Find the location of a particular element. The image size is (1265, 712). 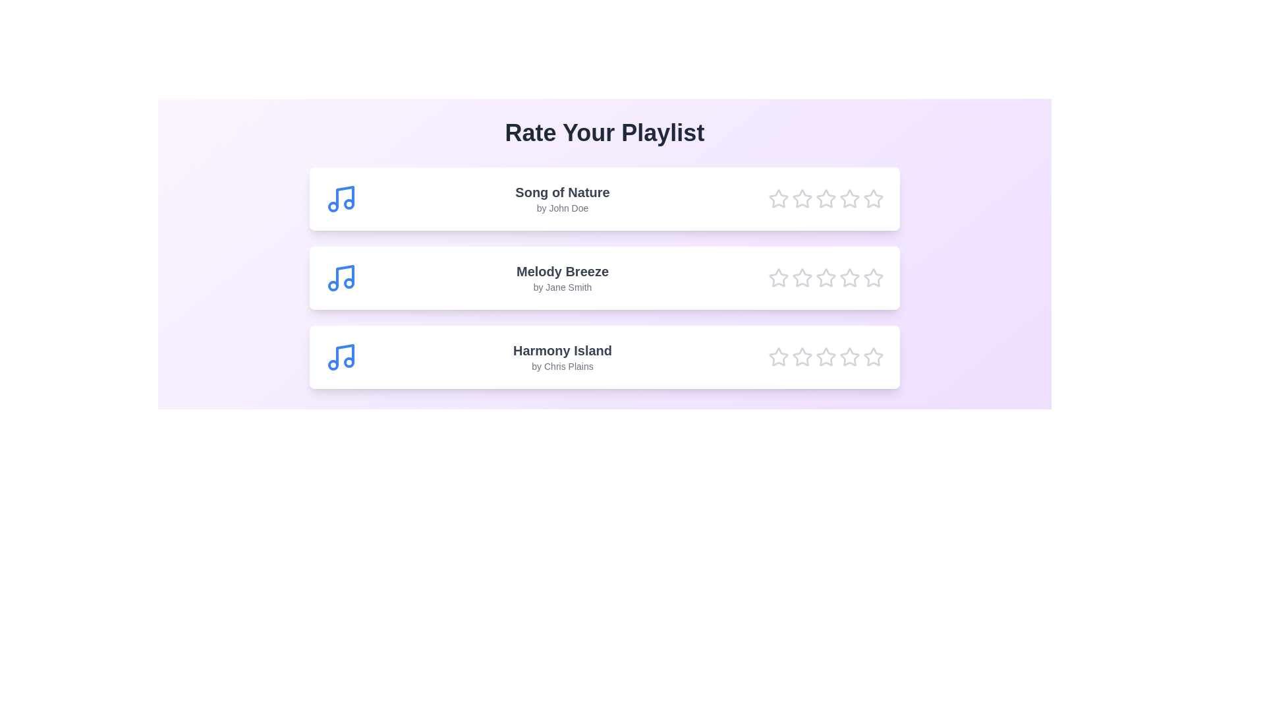

the star corresponding to 4 for the song Melody Breeze is located at coordinates (850, 277).